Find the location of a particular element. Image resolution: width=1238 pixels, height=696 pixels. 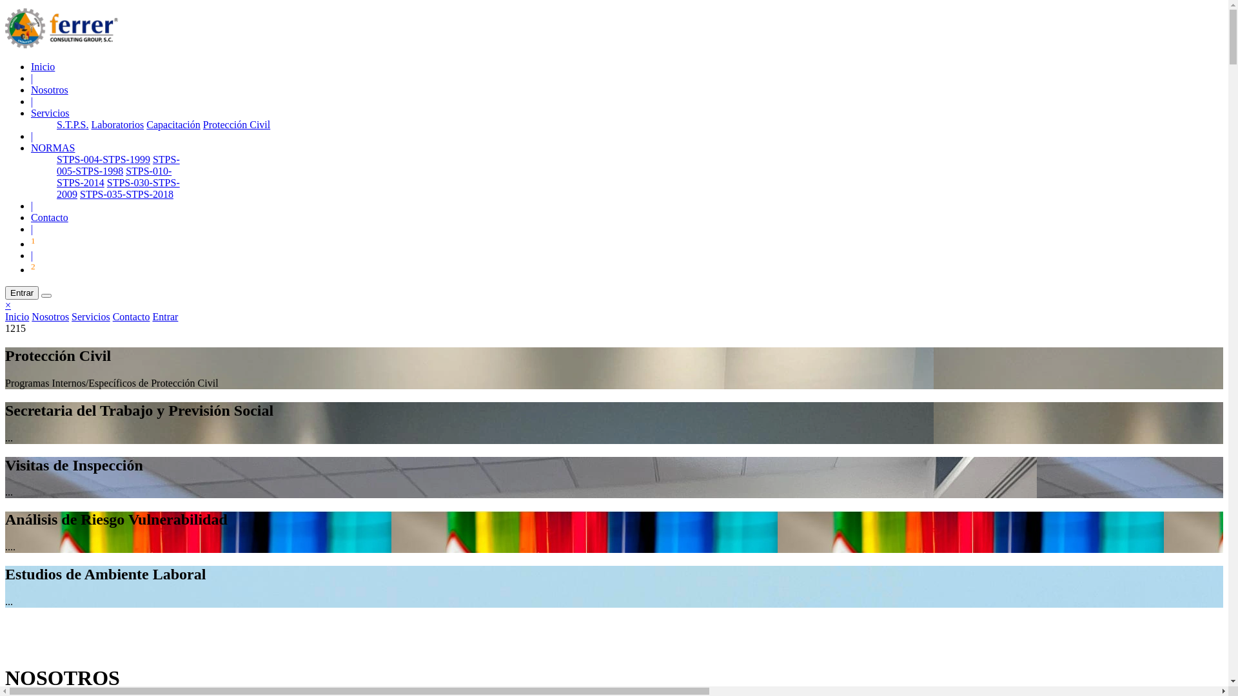

'2' is located at coordinates (33, 269).